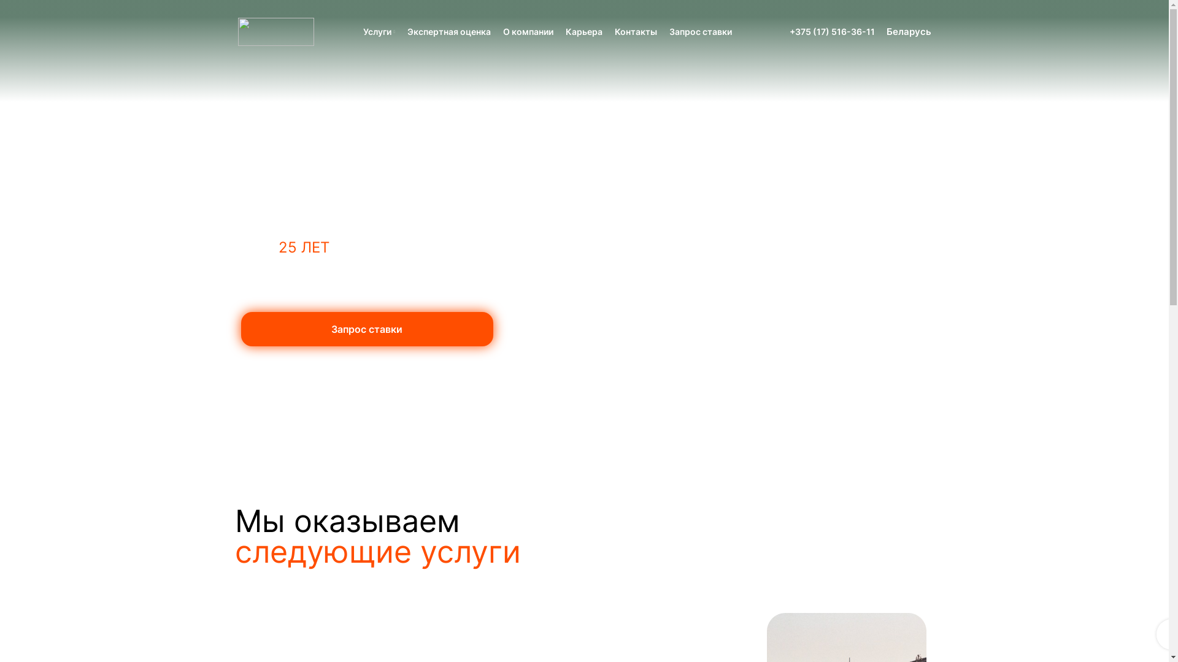  What do you see at coordinates (789, 31) in the screenshot?
I see `'+375 (17) 516-36-11'` at bounding box center [789, 31].